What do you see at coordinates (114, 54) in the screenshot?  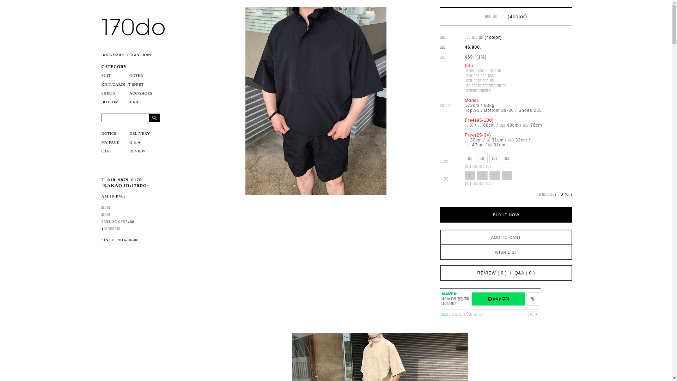 I see `'BOOKMARK'` at bounding box center [114, 54].